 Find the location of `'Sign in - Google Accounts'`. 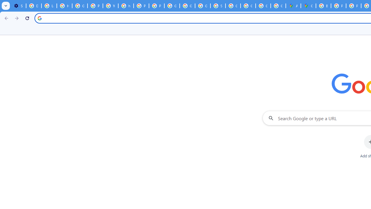

'Sign in - Google Accounts' is located at coordinates (218, 6).